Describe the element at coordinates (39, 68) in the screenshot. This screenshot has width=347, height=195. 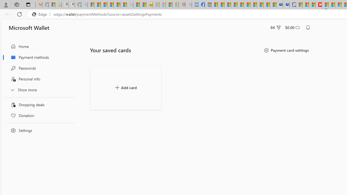
I see `'Passwords'` at that location.